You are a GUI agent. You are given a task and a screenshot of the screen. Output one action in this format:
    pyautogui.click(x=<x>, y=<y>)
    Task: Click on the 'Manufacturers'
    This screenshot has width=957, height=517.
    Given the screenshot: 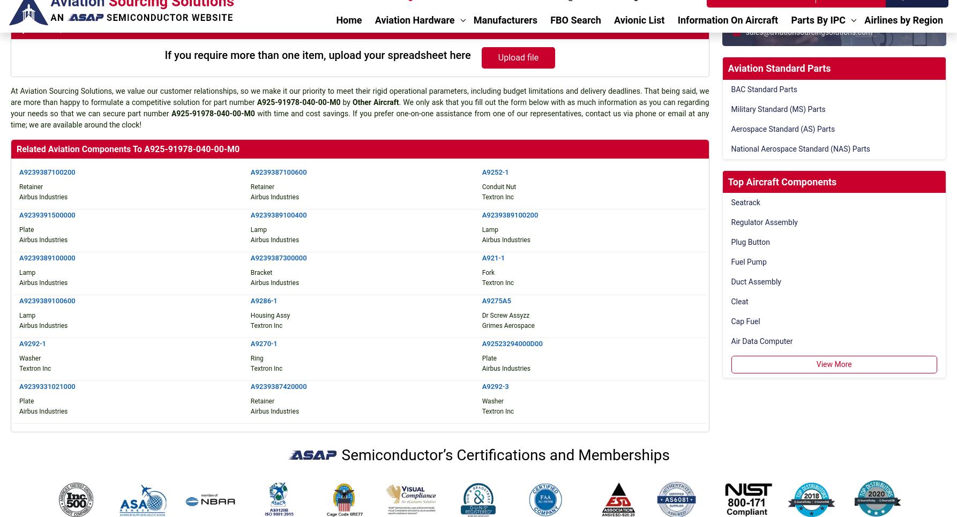 What is the action you would take?
    pyautogui.click(x=298, y=389)
    